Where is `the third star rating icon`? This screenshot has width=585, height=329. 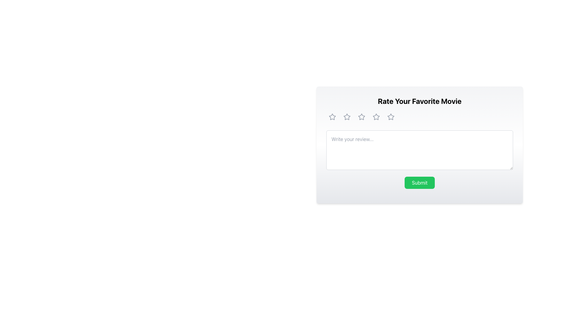
the third star rating icon is located at coordinates (361, 117).